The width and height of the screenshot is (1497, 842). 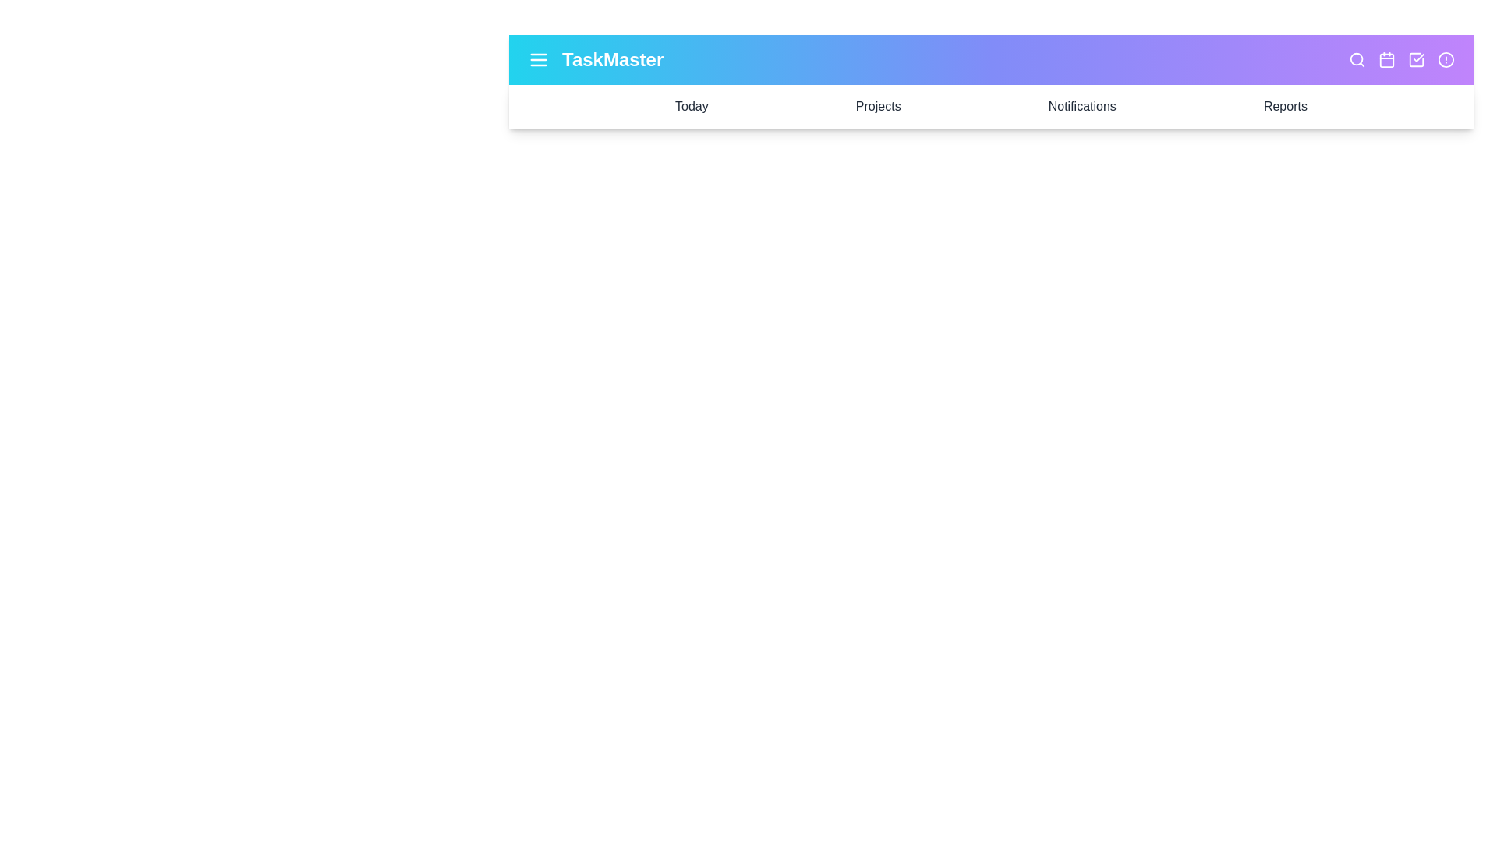 I want to click on the menu icon to toggle the side menu visibility, so click(x=539, y=59).